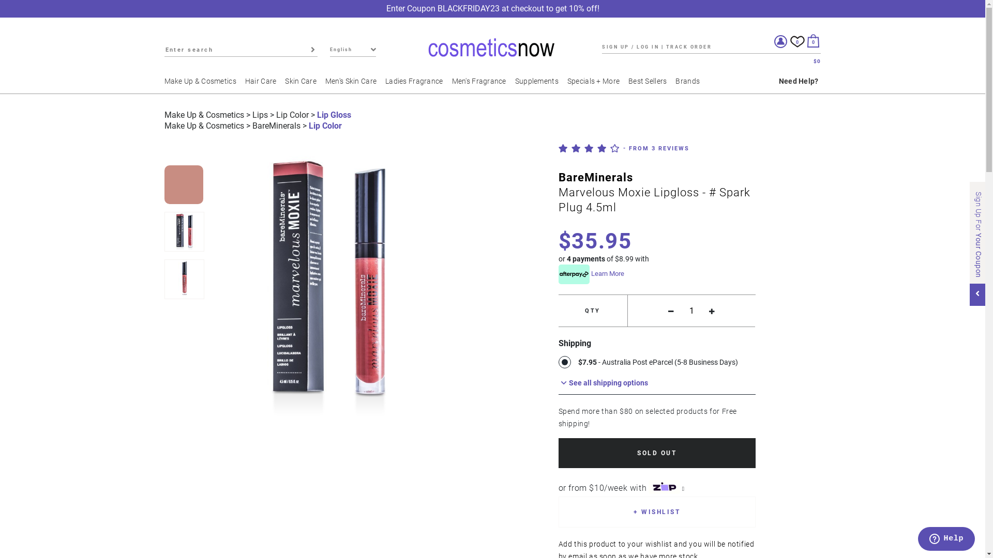 The width and height of the screenshot is (993, 558). Describe the element at coordinates (690, 85) in the screenshot. I see `'Brands'` at that location.